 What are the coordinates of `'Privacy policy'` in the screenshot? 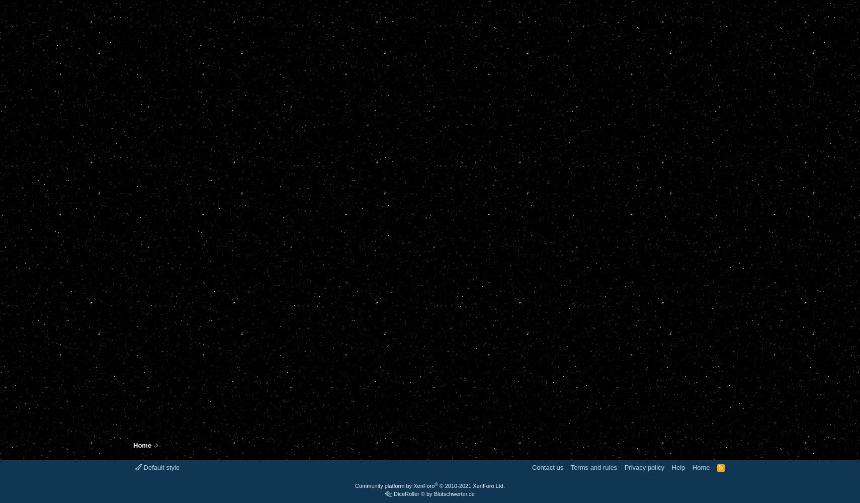 It's located at (643, 467).